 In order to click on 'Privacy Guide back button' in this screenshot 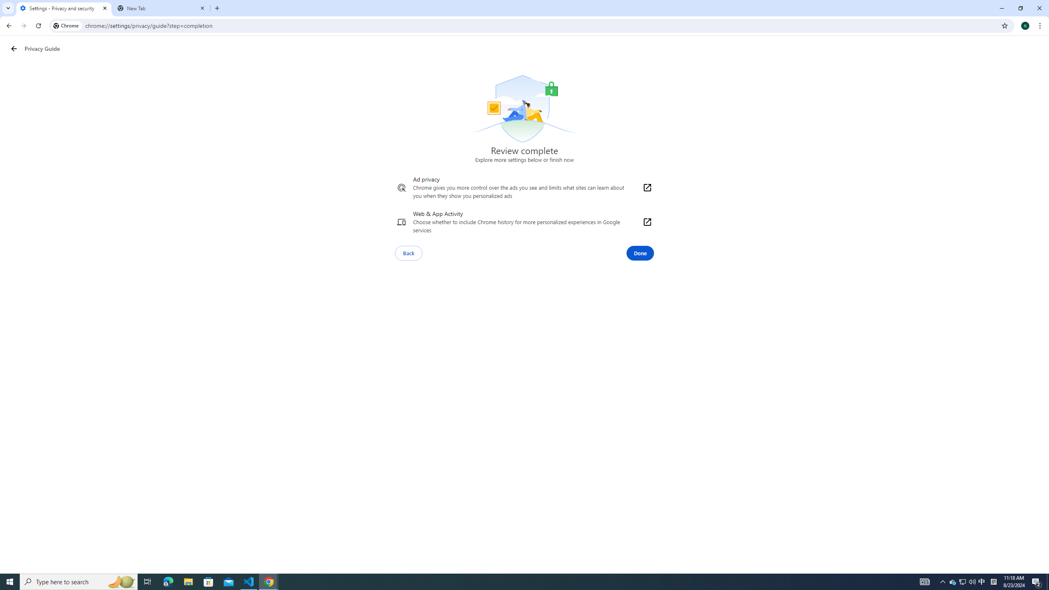, I will do `click(14, 48)`.